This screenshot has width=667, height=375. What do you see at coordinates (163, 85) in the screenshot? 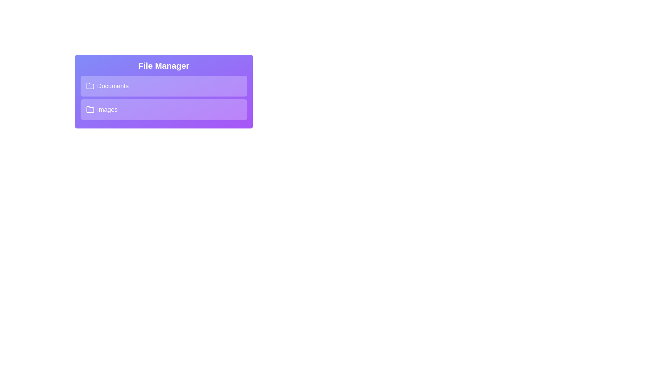
I see `the folder title area to expand or collapse it. Specify the folder name as Documents` at bounding box center [163, 85].